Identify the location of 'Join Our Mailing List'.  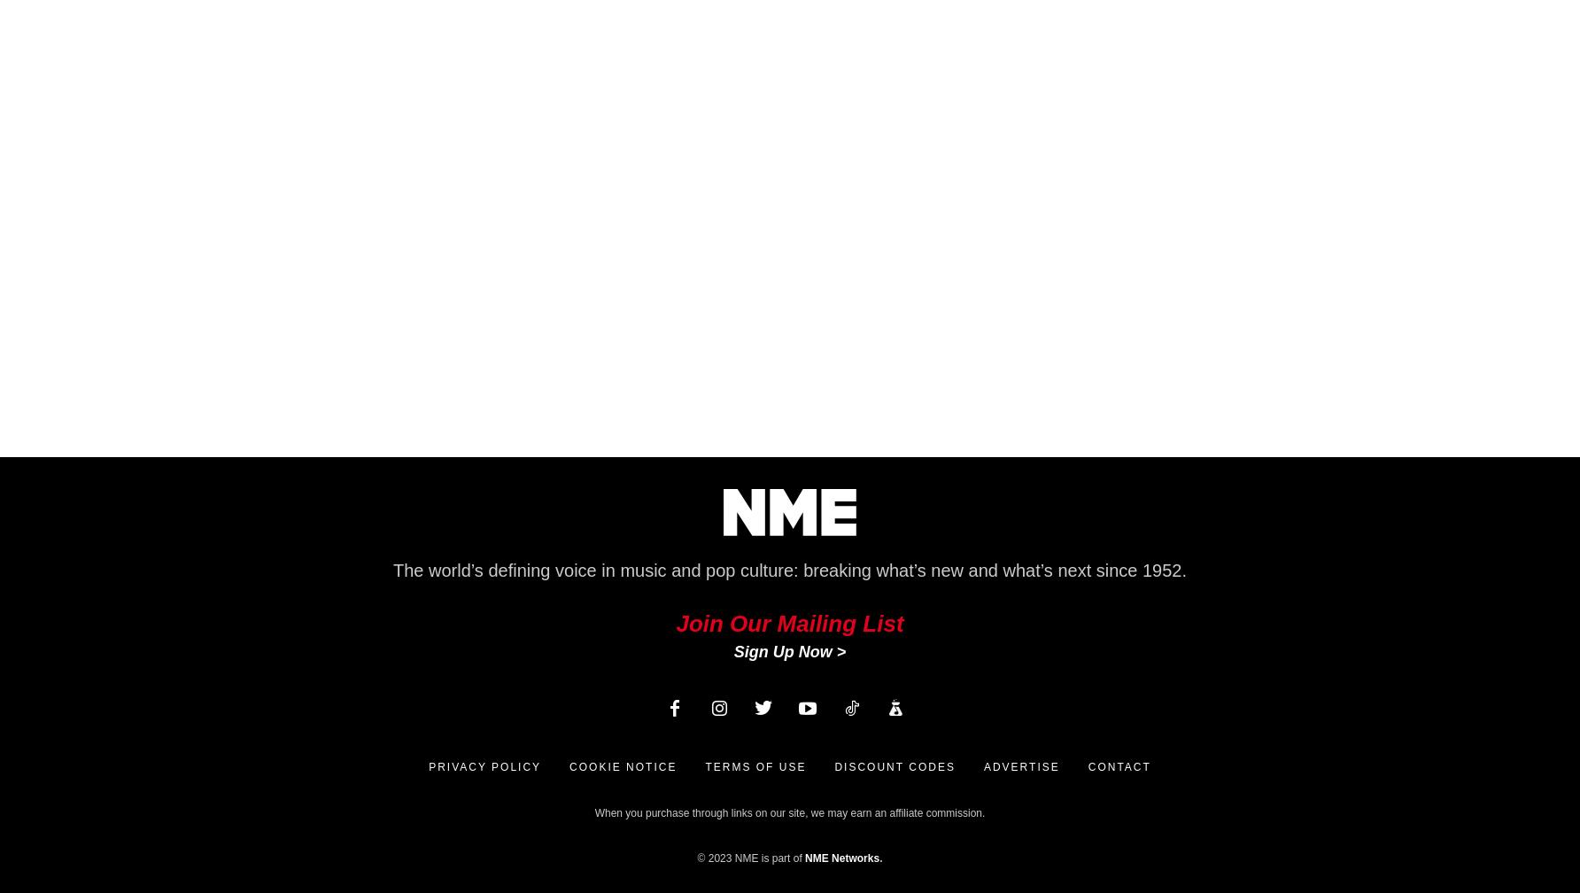
(676, 623).